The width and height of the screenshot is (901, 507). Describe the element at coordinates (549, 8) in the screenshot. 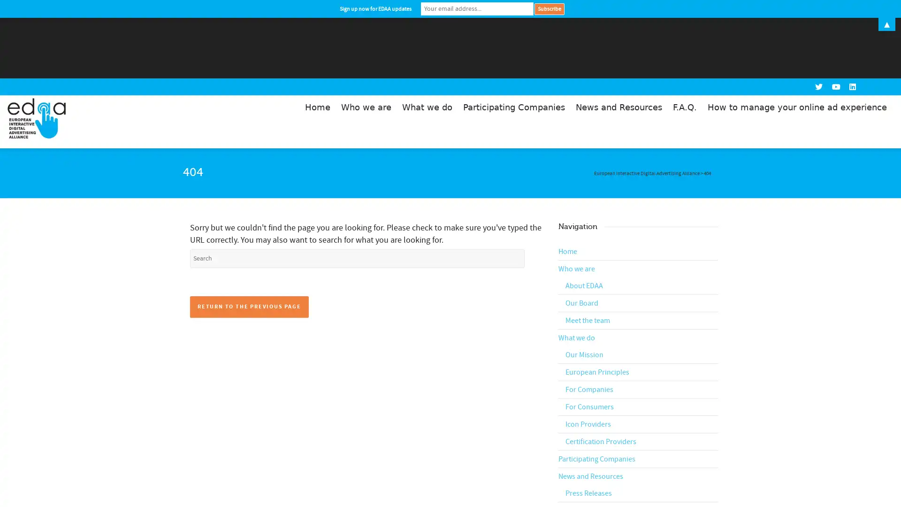

I see `Subscribe` at that location.